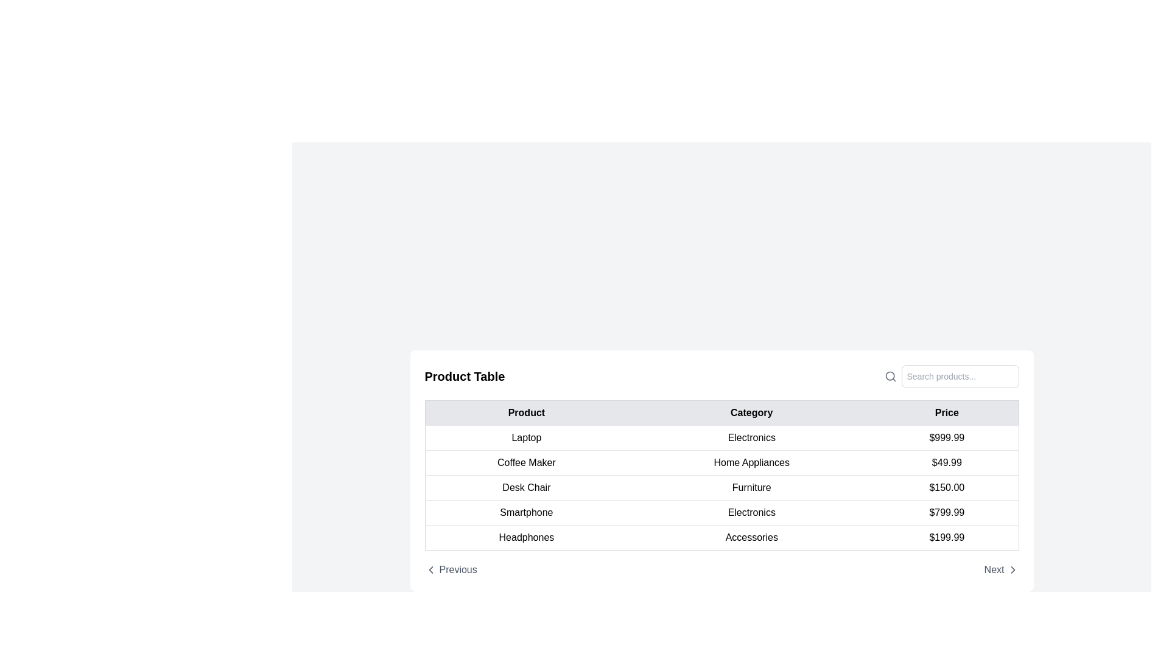 The width and height of the screenshot is (1169, 657). Describe the element at coordinates (1013, 569) in the screenshot. I see `the right-pointing chevron icon located in the pagination section at the bottom-right corner of the table interface` at that location.